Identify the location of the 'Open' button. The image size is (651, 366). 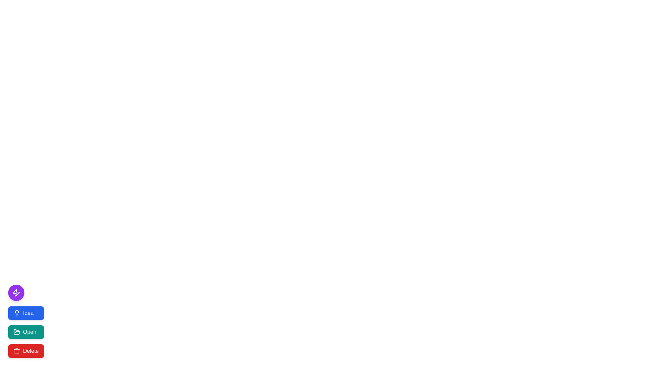
(26, 331).